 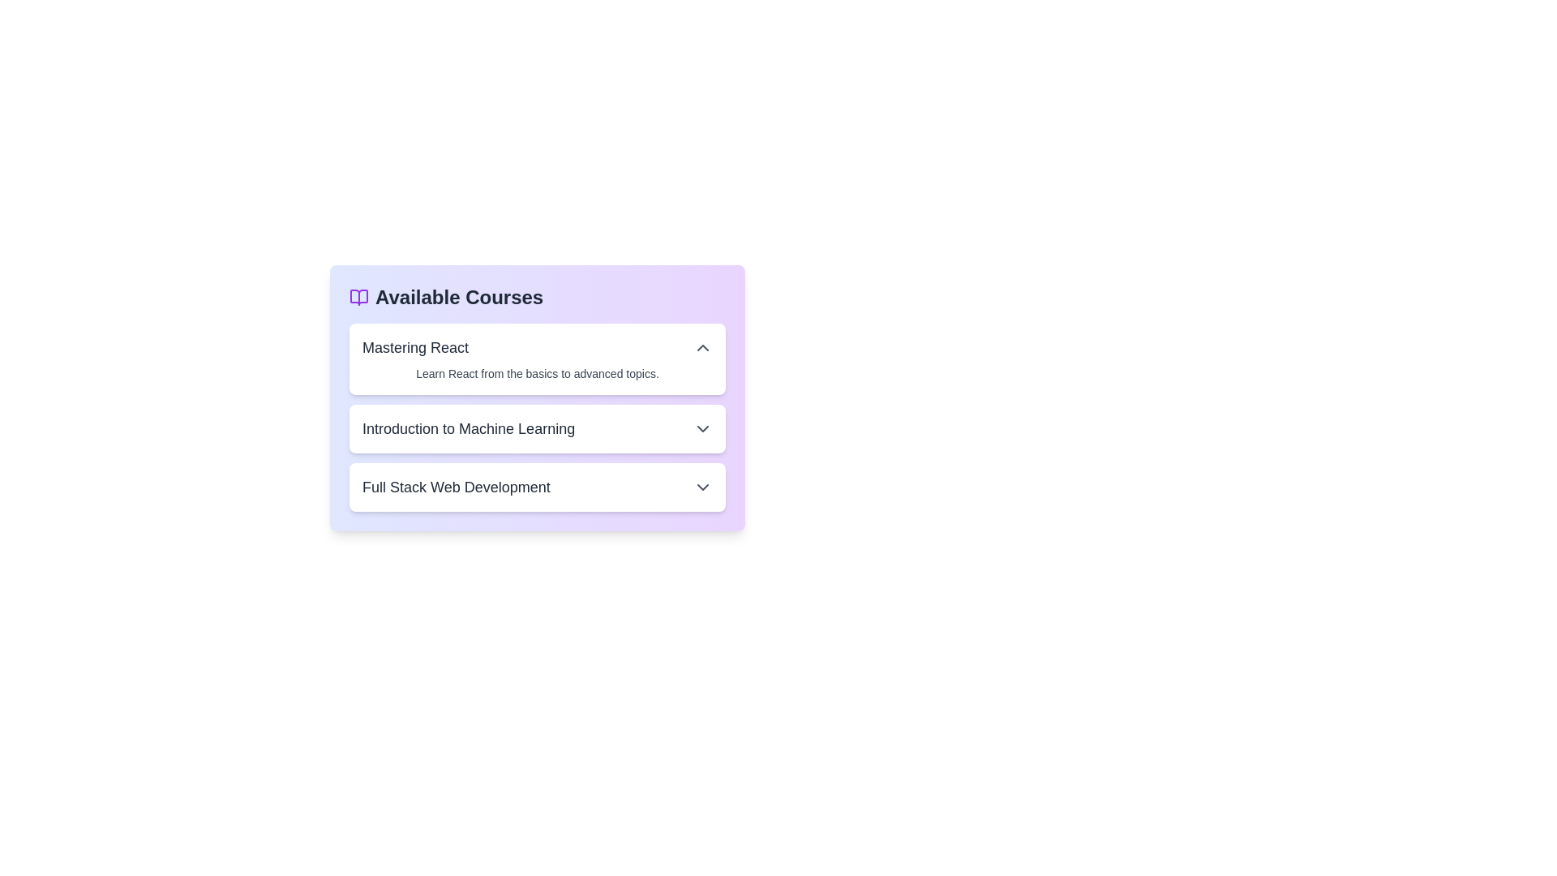 I want to click on the course item titled Full Stack Web Development, so click(x=537, y=487).